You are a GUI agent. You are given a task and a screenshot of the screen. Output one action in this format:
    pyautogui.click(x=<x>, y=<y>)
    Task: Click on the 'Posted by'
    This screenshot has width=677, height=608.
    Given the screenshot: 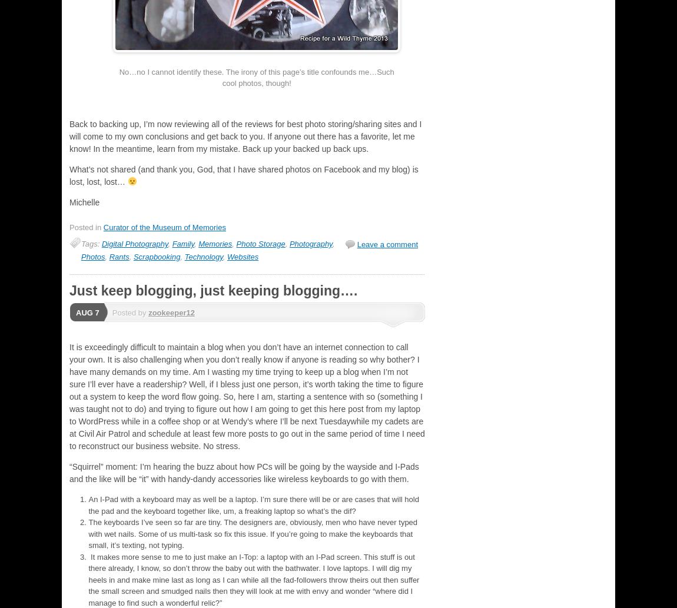 What is the action you would take?
    pyautogui.click(x=130, y=312)
    